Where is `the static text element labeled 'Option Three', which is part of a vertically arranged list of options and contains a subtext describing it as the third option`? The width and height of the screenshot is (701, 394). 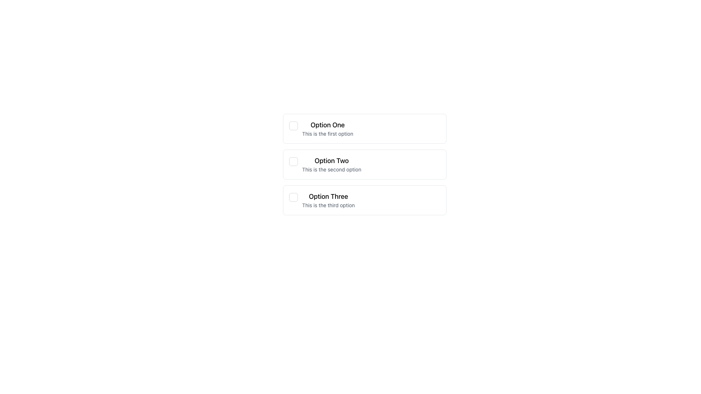
the static text element labeled 'Option Three', which is part of a vertically arranged list of options and contains a subtext describing it as the third option is located at coordinates (328, 200).